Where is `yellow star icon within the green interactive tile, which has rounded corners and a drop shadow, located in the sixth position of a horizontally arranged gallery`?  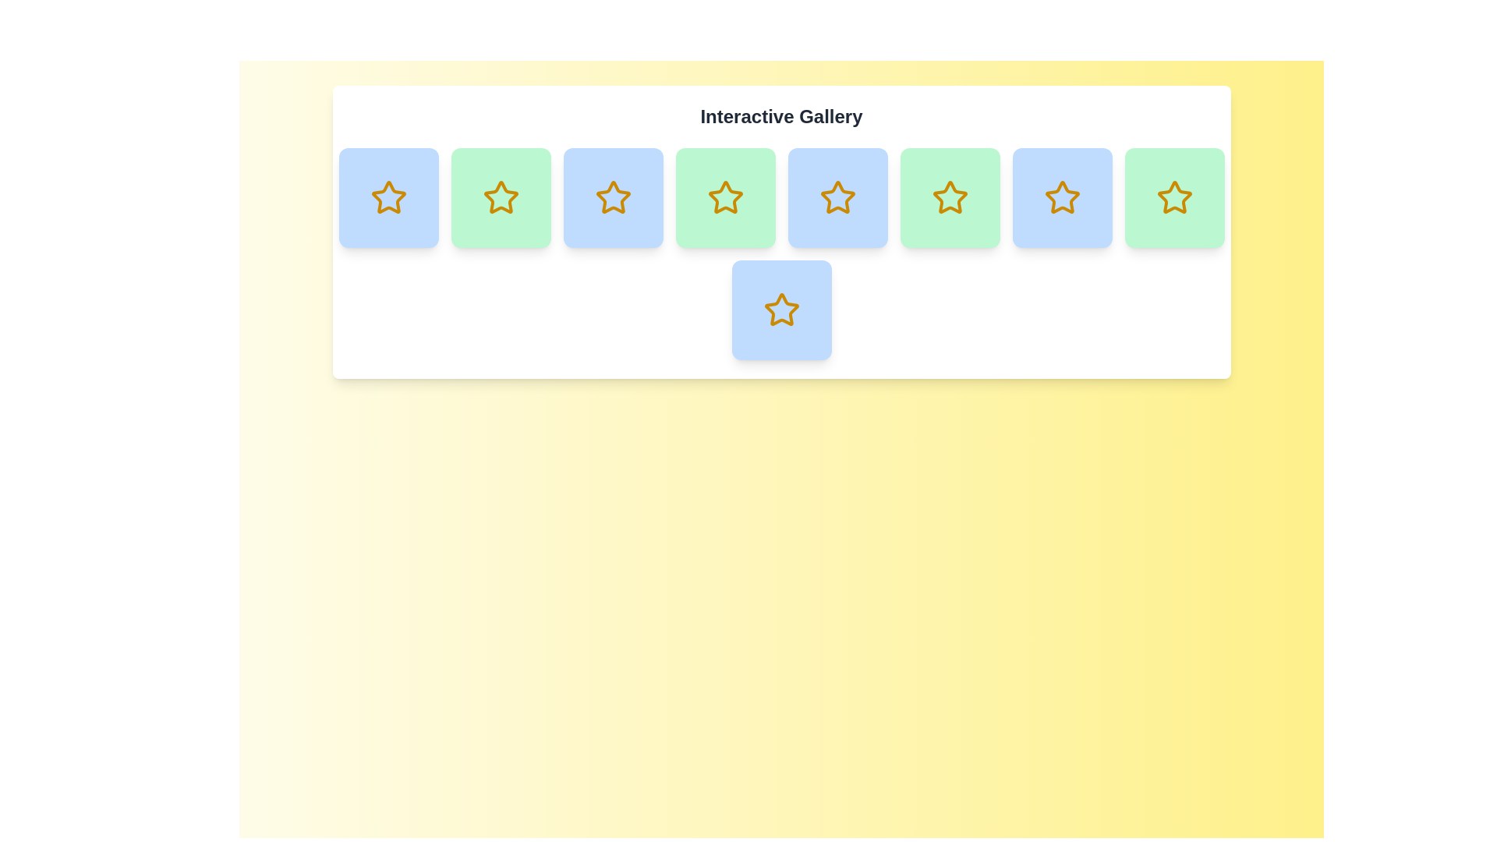
yellow star icon within the green interactive tile, which has rounded corners and a drop shadow, located in the sixth position of a horizontally arranged gallery is located at coordinates (724, 197).